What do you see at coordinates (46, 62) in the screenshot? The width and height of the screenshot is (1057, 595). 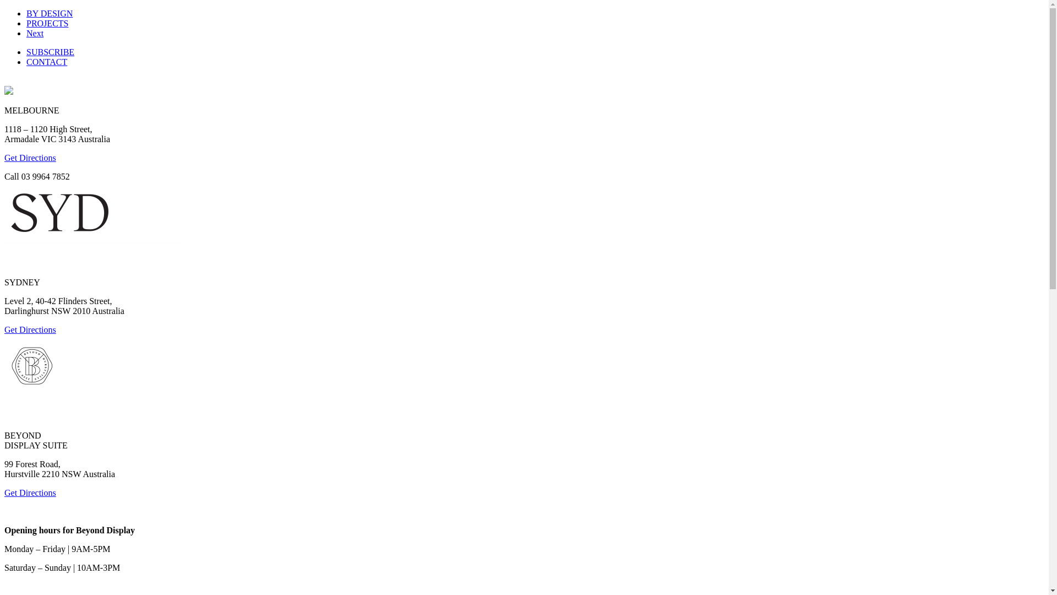 I see `'CONTACT'` at bounding box center [46, 62].